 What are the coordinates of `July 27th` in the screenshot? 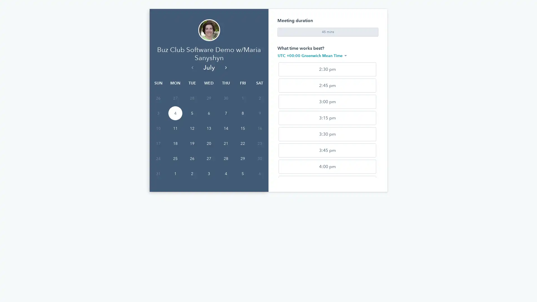 It's located at (209, 180).